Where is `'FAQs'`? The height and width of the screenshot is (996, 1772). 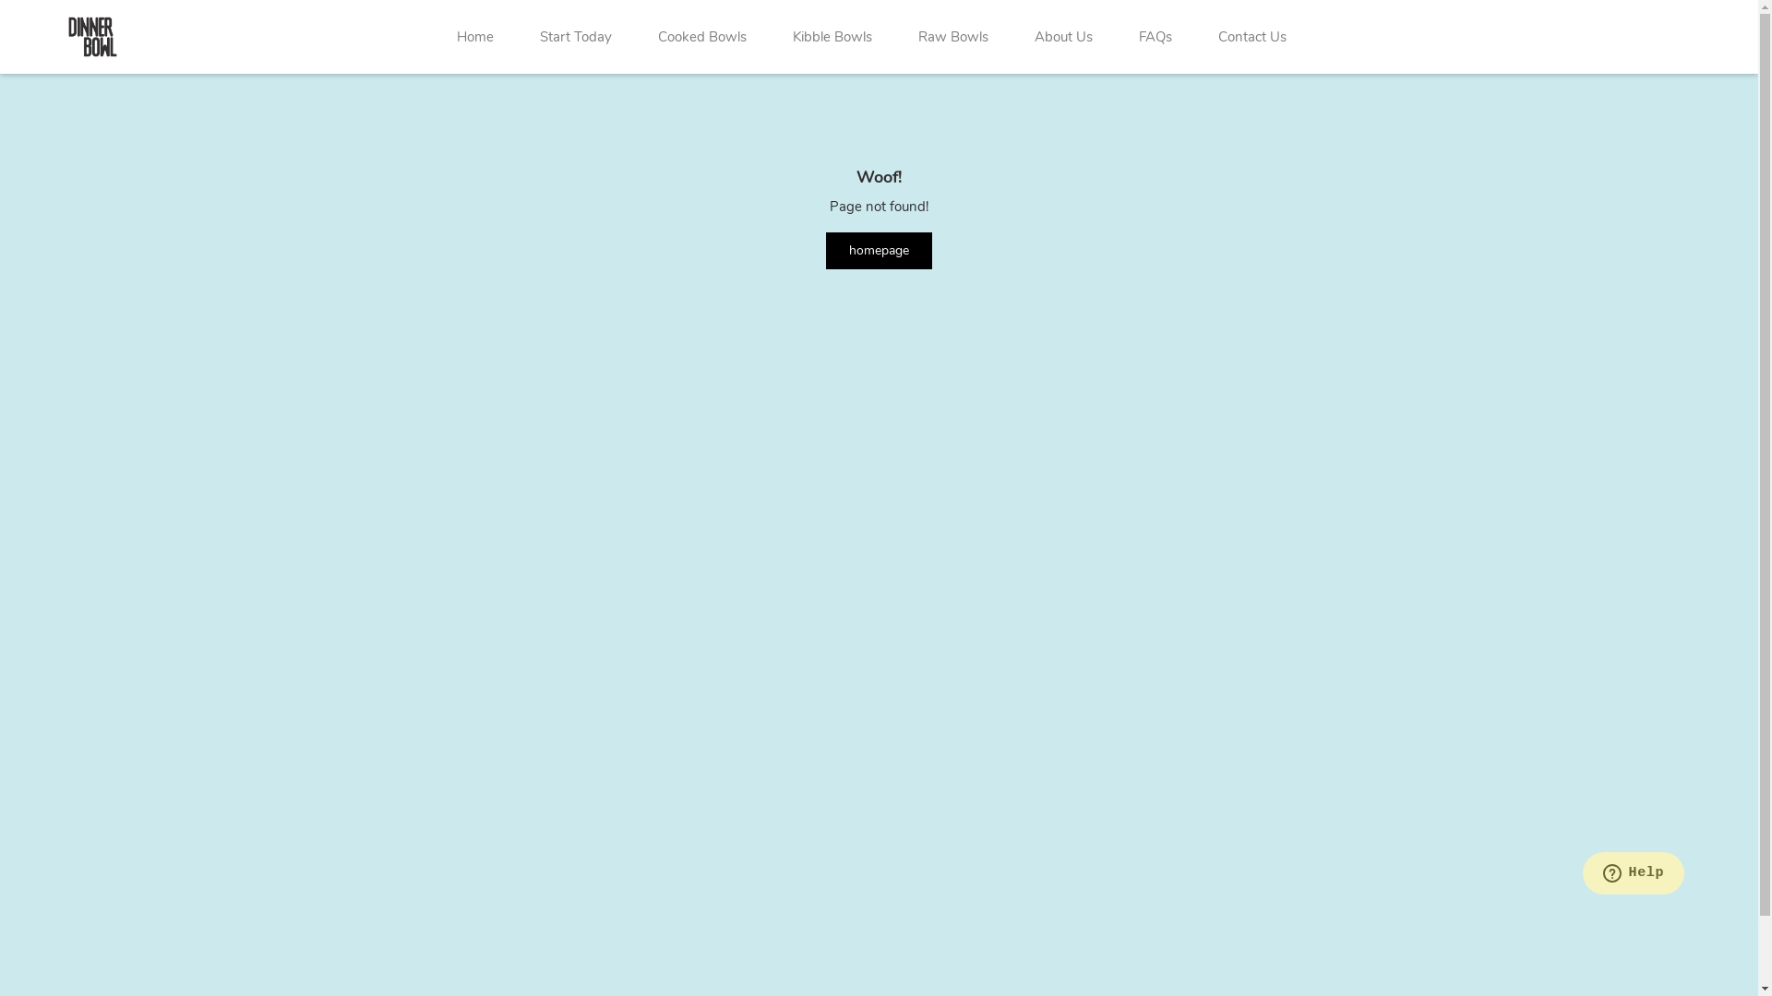 'FAQs' is located at coordinates (1155, 36).